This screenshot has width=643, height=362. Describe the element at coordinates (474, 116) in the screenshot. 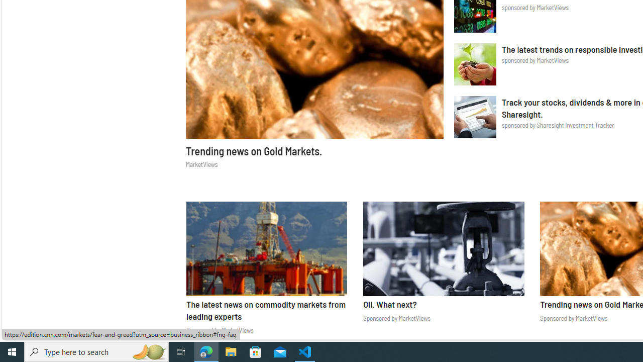

I see `'Sharesight Investment Tracker'` at that location.